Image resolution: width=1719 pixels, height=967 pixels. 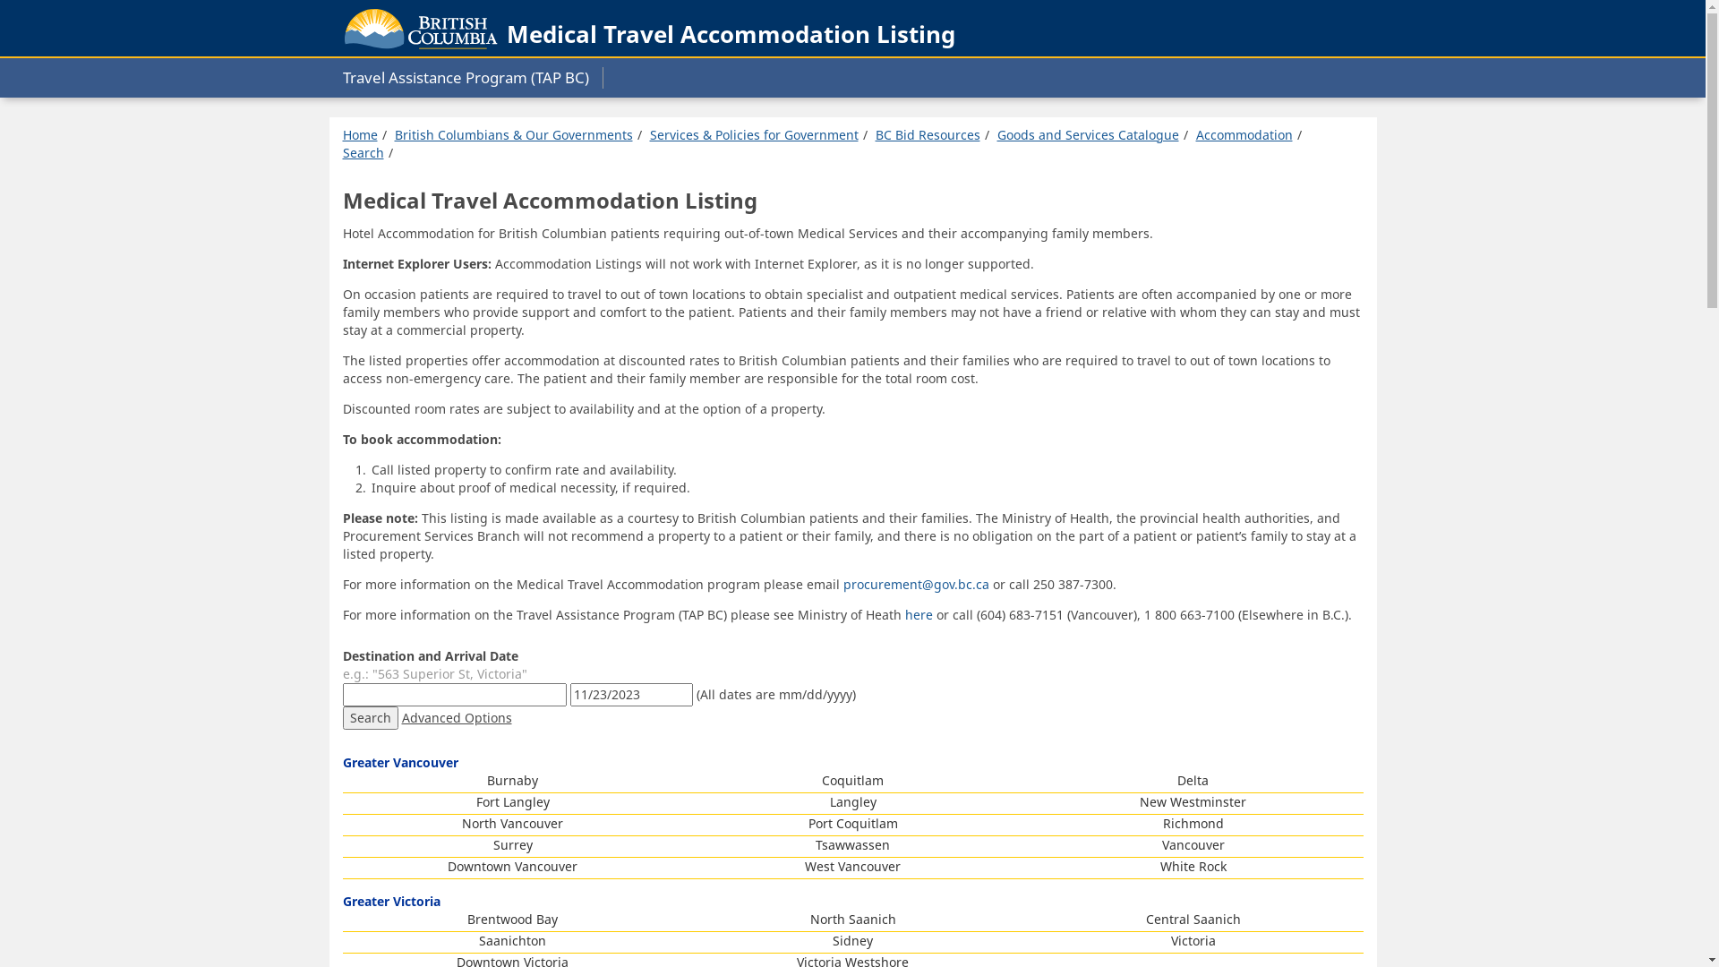 I want to click on 'BC Bid Resources', so click(x=928, y=133).